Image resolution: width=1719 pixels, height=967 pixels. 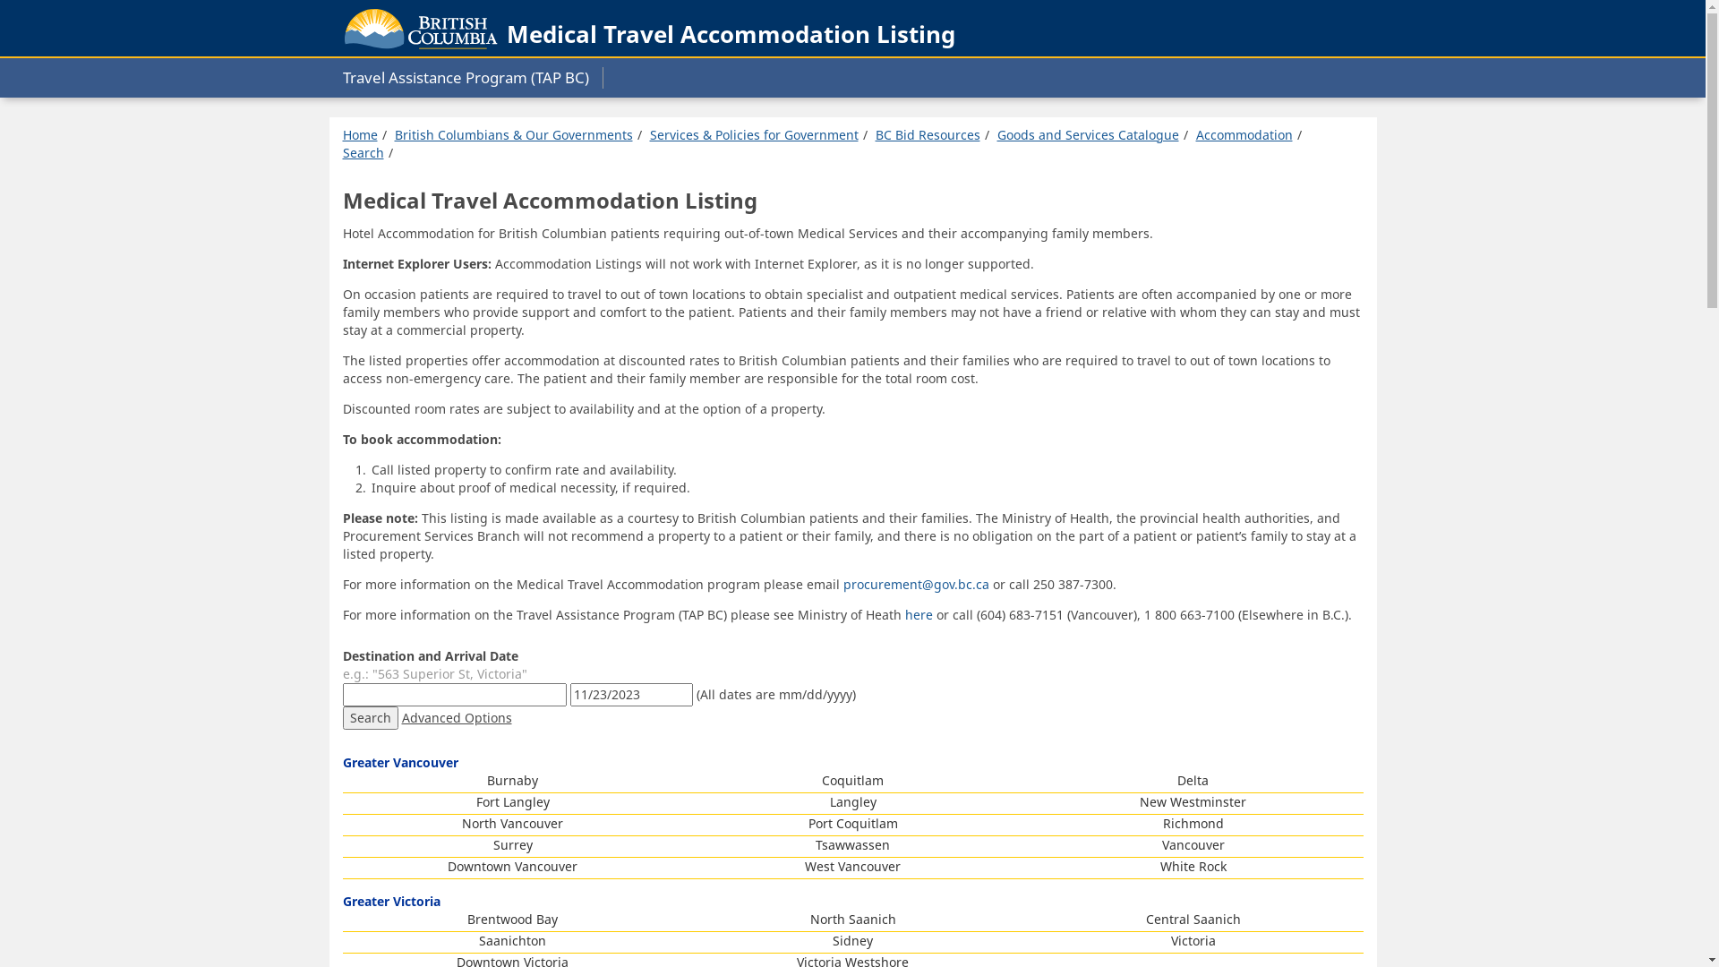 I want to click on 'BC Bid Resources', so click(x=928, y=133).